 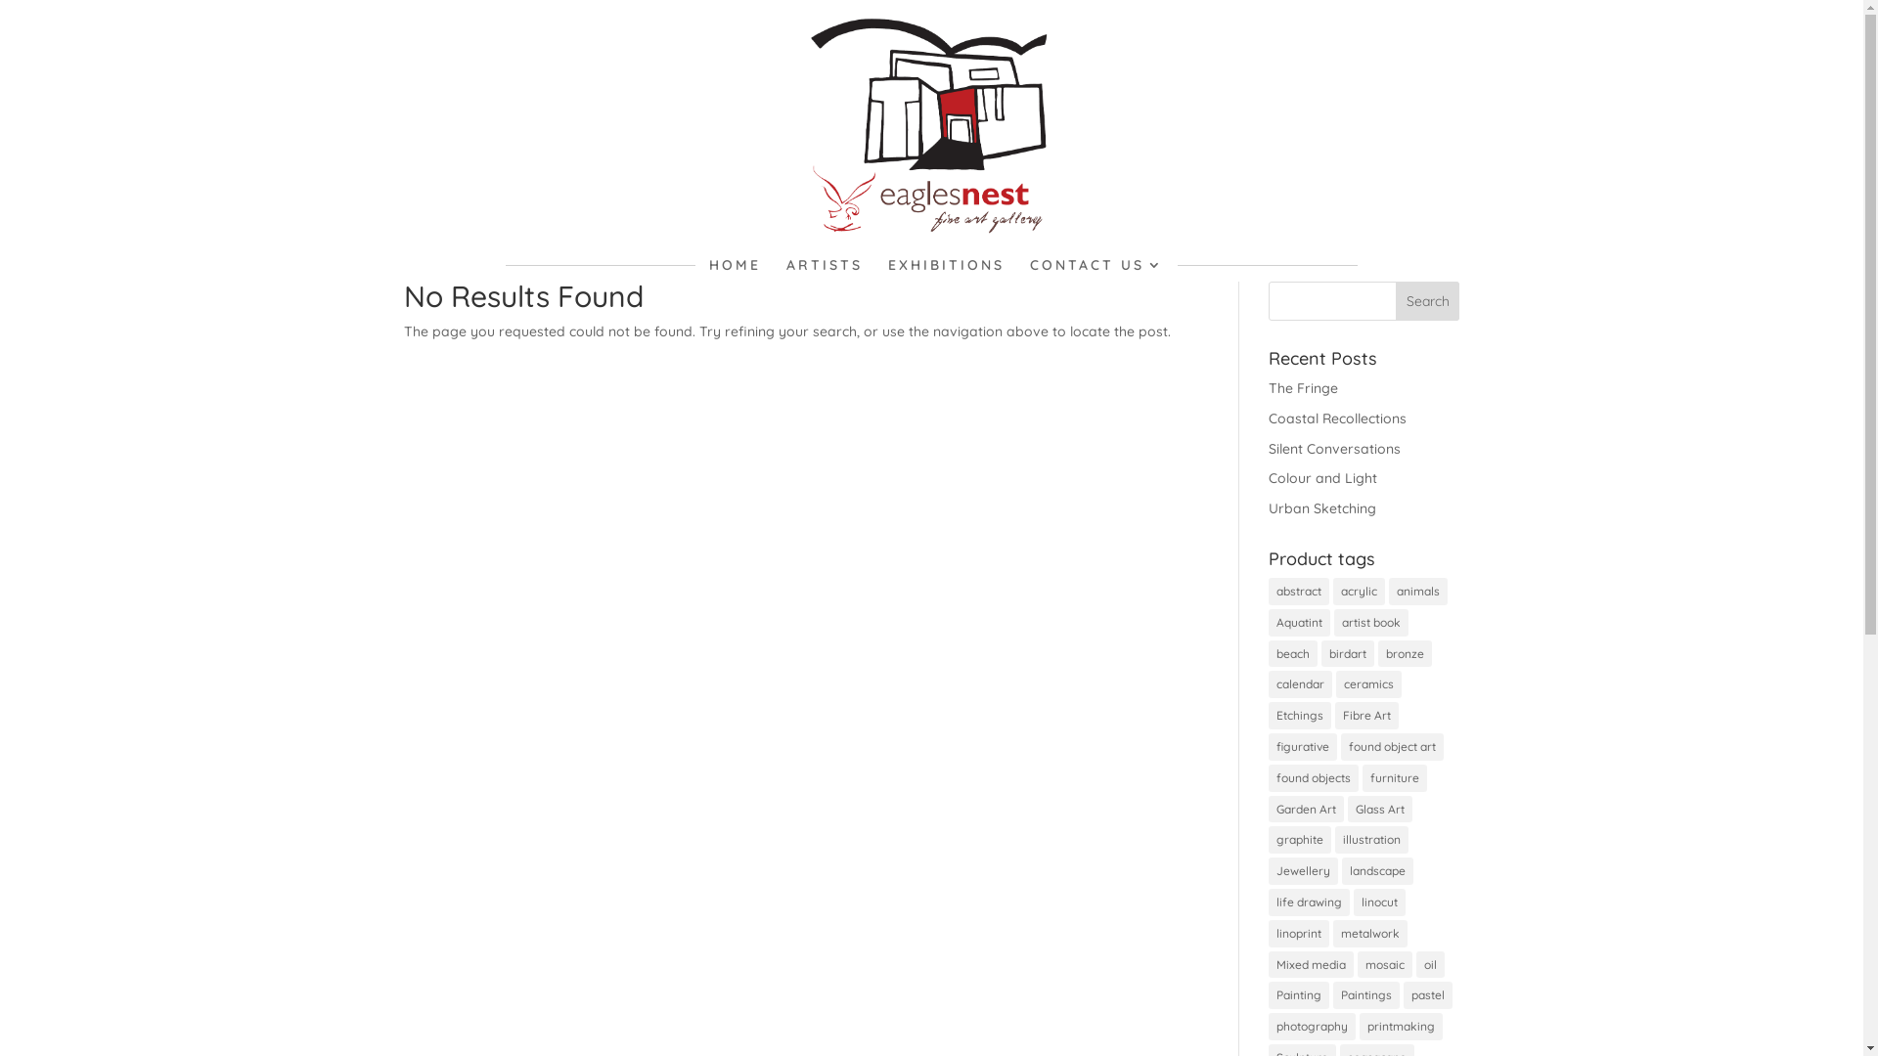 What do you see at coordinates (1336, 418) in the screenshot?
I see `'Coastal Recollections'` at bounding box center [1336, 418].